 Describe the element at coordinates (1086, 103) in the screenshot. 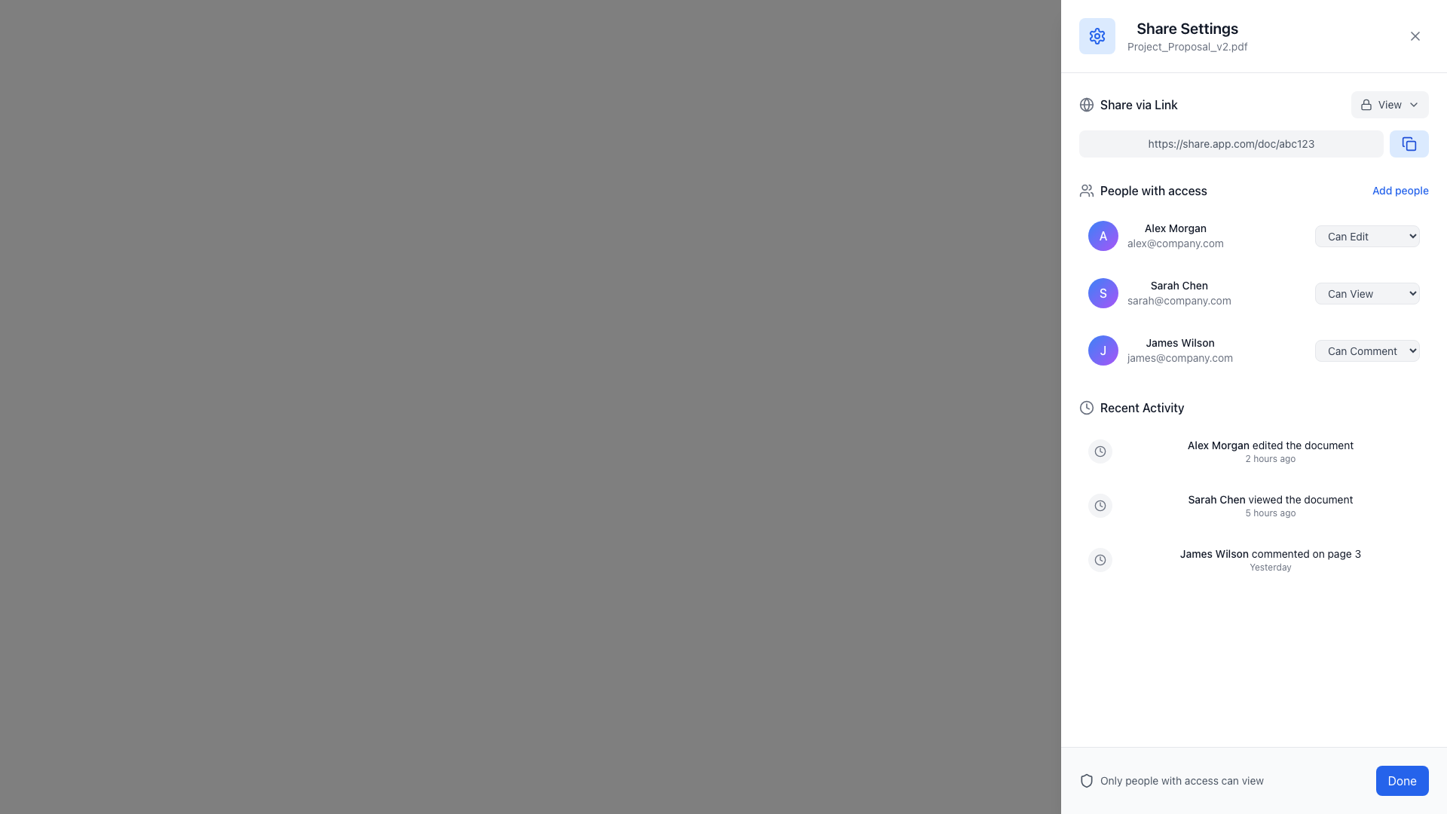

I see `the share options icon located to the left of the 'Share via Link' text, which serves as a visual indicator for sharing options via a link` at that location.